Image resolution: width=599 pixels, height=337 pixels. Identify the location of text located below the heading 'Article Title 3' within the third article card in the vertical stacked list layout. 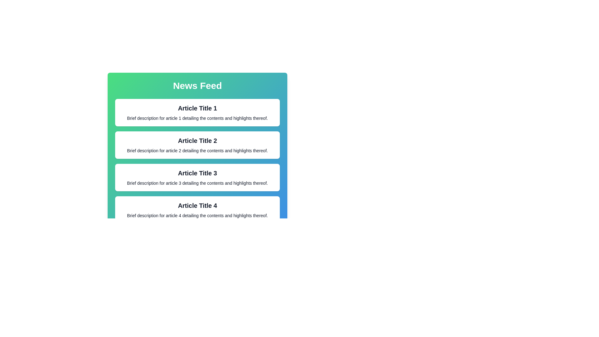
(197, 183).